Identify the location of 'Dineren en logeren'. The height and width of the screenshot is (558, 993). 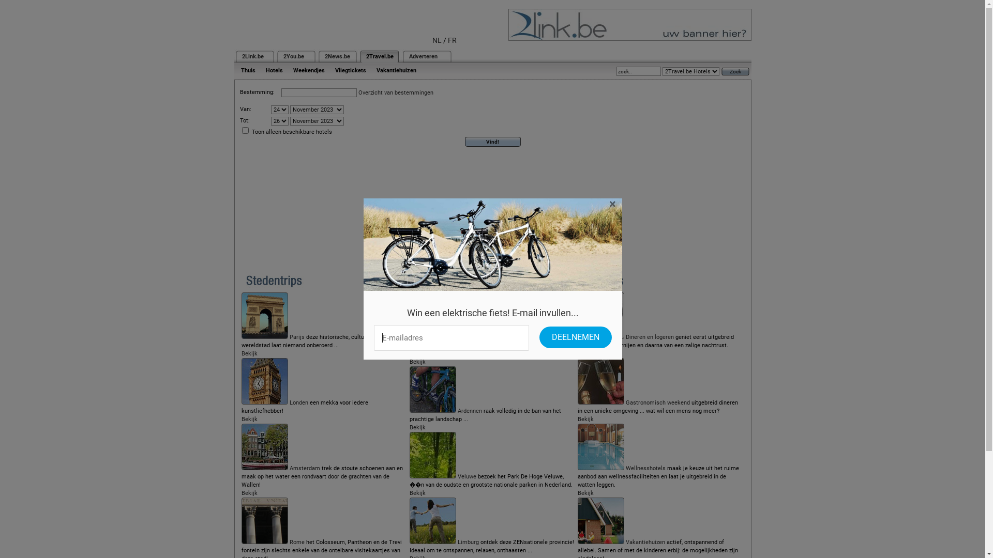
(649, 337).